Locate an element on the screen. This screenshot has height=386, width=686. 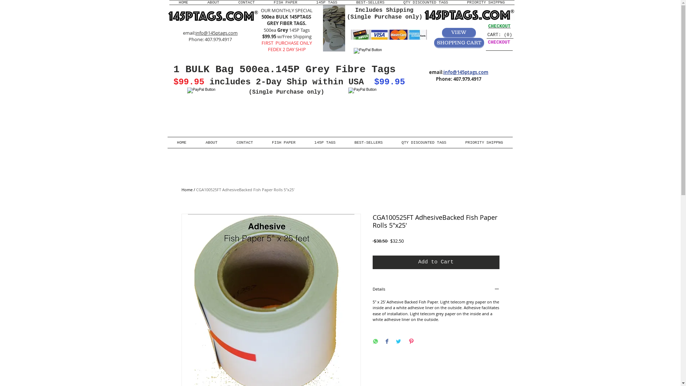
'PRIORITY SHIPPNG' is located at coordinates (456, 142).